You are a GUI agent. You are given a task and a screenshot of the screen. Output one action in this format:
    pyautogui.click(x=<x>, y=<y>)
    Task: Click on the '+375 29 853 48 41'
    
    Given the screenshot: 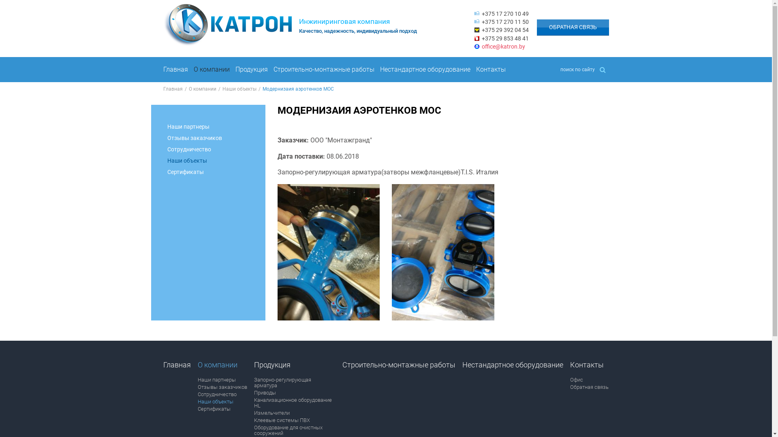 What is the action you would take?
    pyautogui.click(x=504, y=38)
    